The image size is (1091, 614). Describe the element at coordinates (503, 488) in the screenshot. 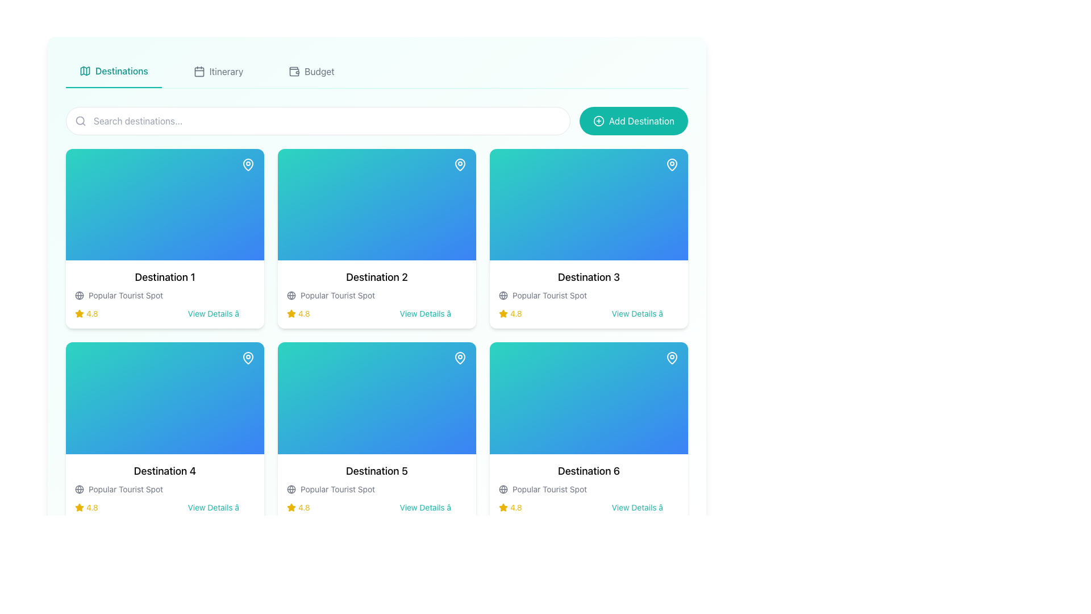

I see `the SVG Circle that represents a globe marker located in the bottom-right corner of the card titled 'Destination 6'` at that location.